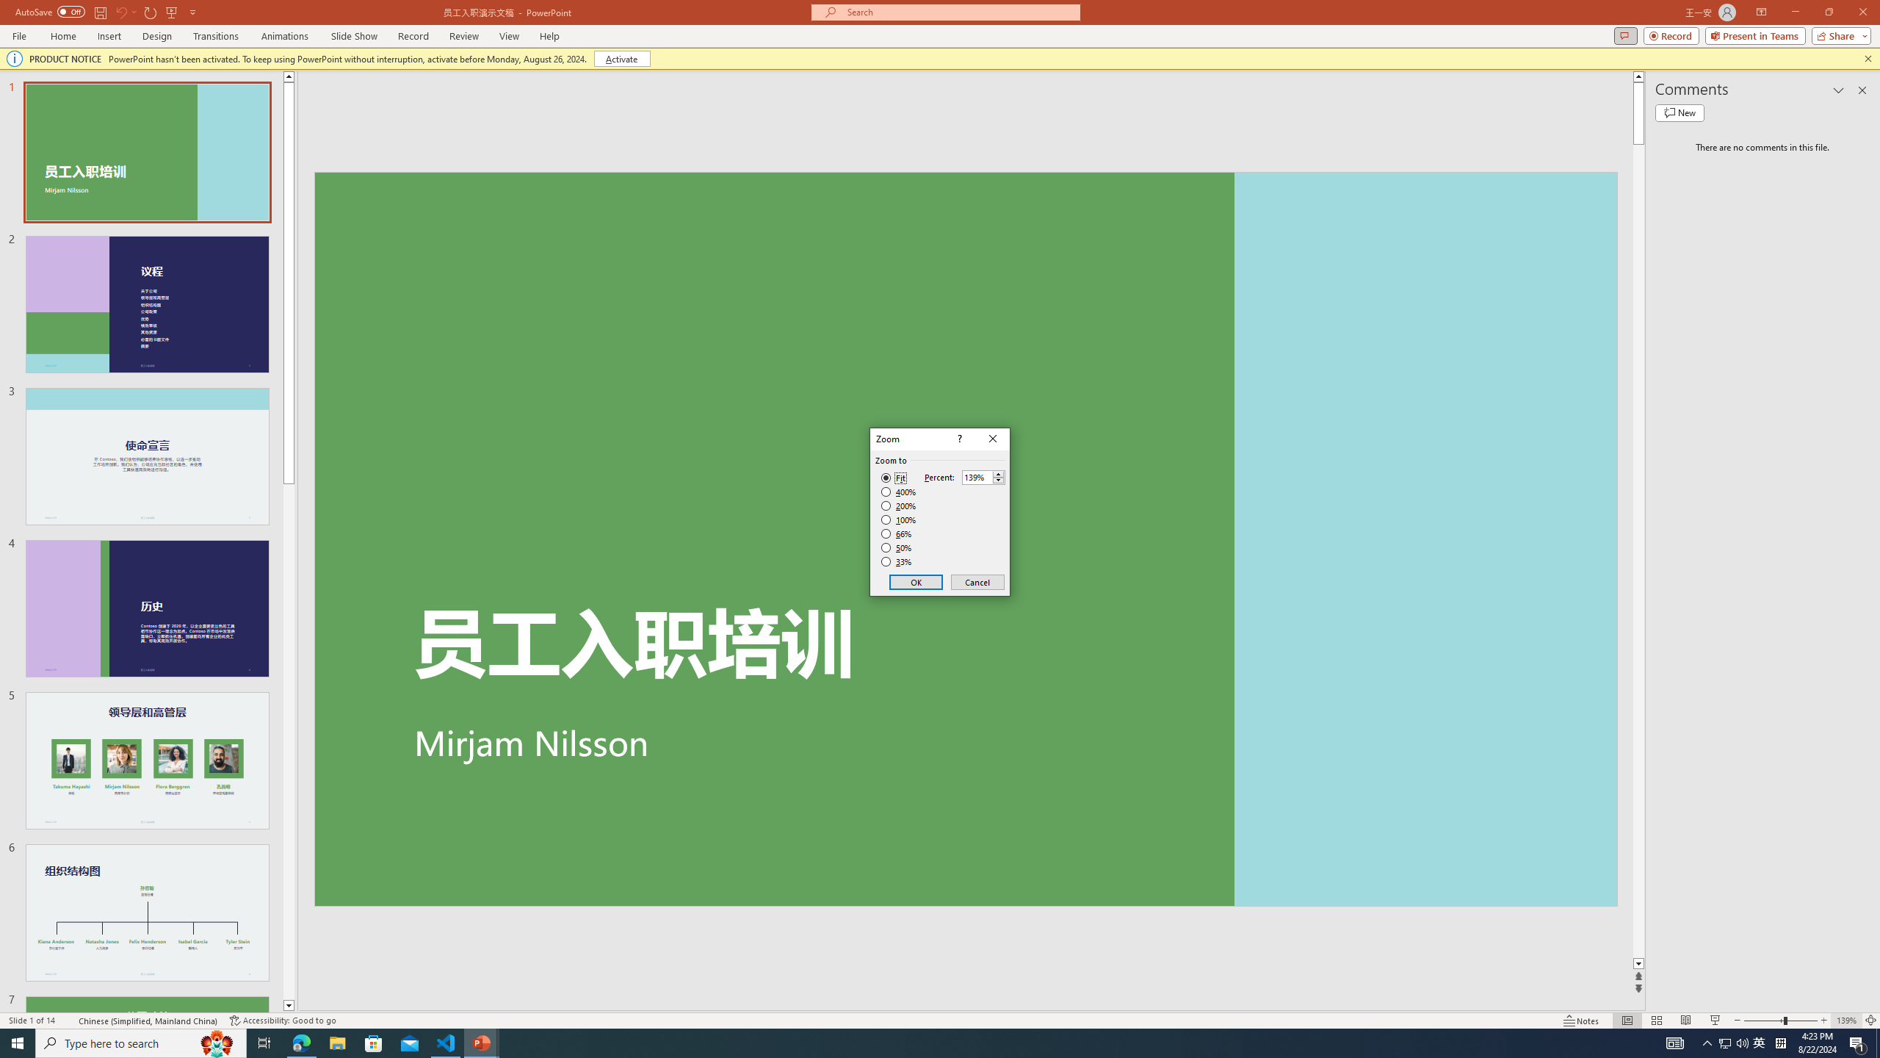 This screenshot has height=1058, width=1880. I want to click on '100%', so click(898, 519).